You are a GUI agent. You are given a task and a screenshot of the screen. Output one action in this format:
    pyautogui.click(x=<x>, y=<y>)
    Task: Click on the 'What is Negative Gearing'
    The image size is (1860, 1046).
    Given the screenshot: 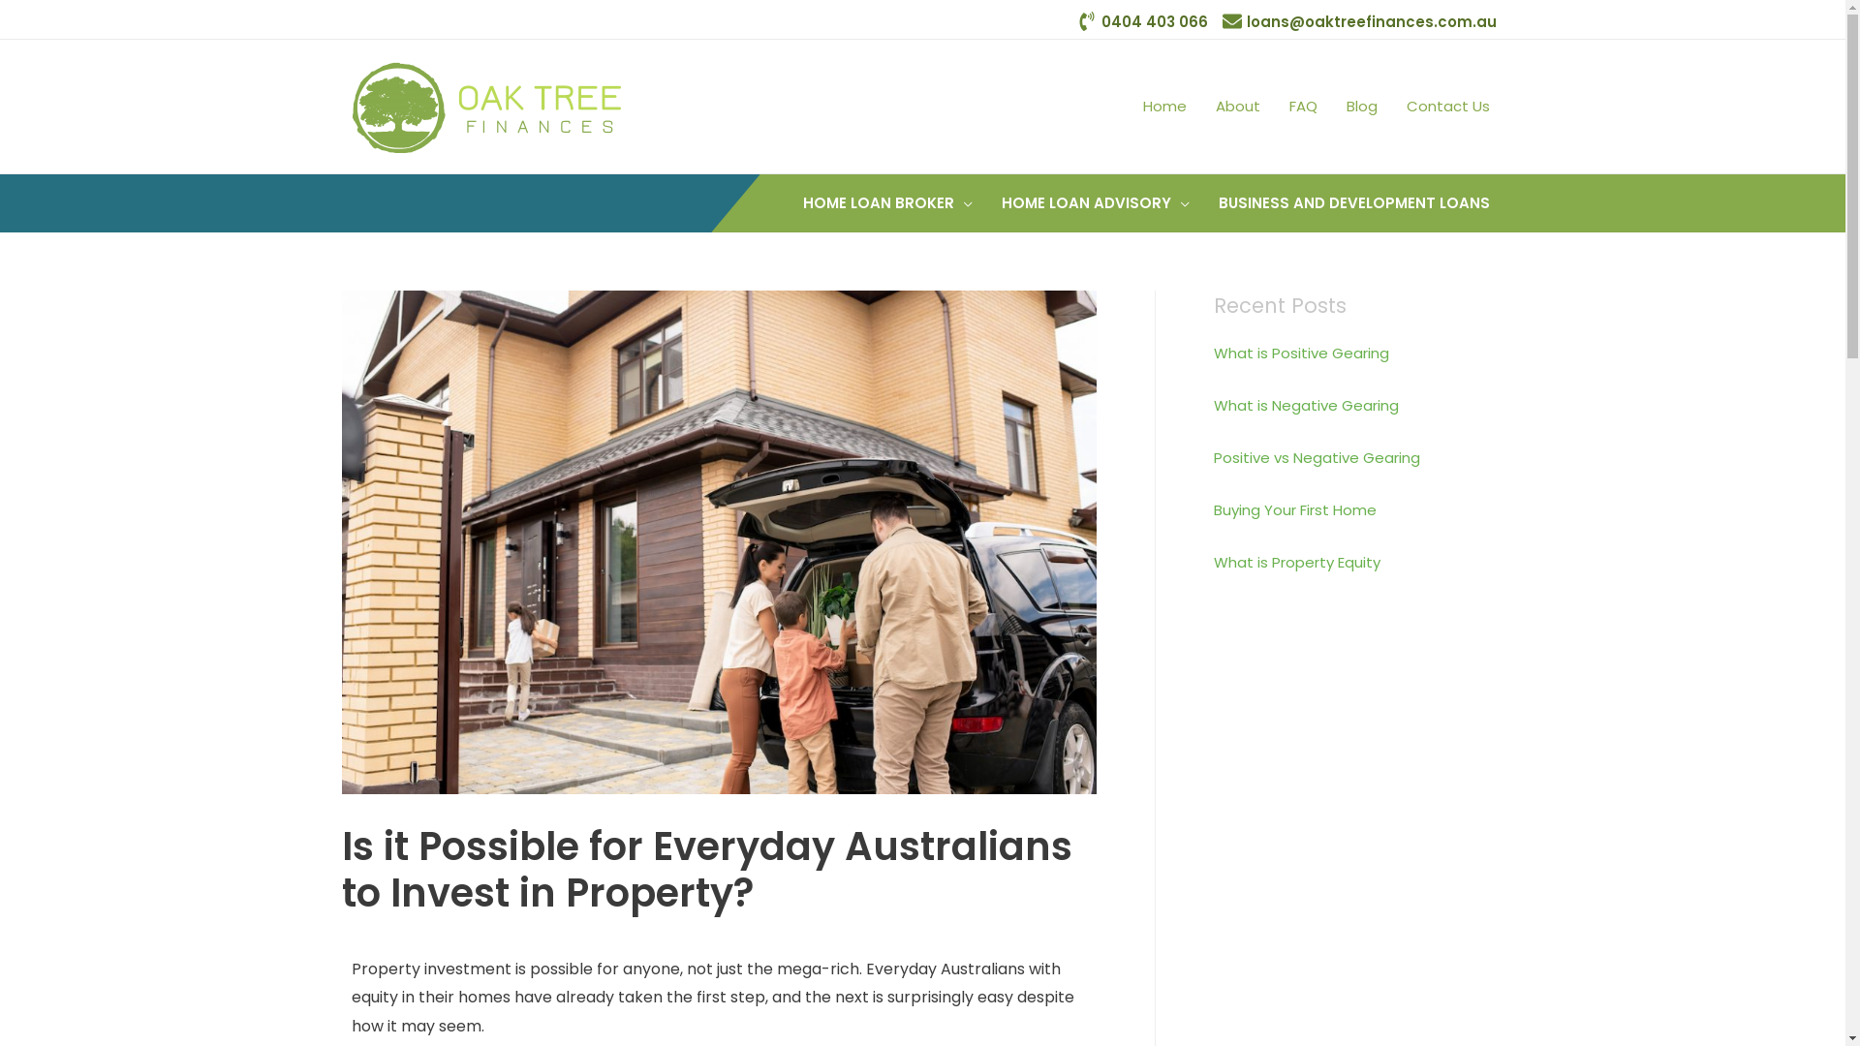 What is the action you would take?
    pyautogui.click(x=1305, y=404)
    